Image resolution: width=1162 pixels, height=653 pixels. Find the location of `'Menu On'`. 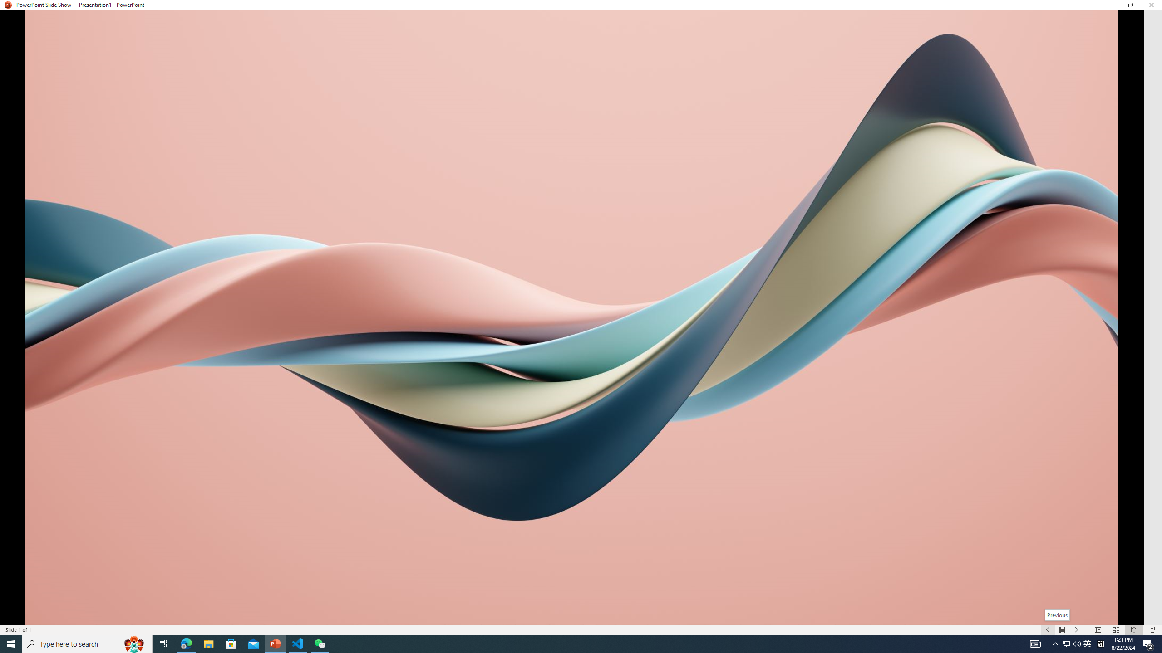

'Menu On' is located at coordinates (1062, 630).